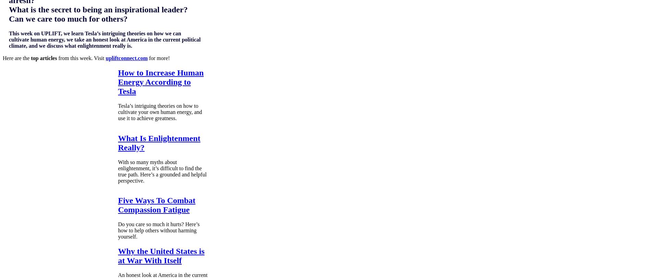 The height and width of the screenshot is (278, 652). What do you see at coordinates (161, 255) in the screenshot?
I see `'Why the United States is at War With Itself'` at bounding box center [161, 255].